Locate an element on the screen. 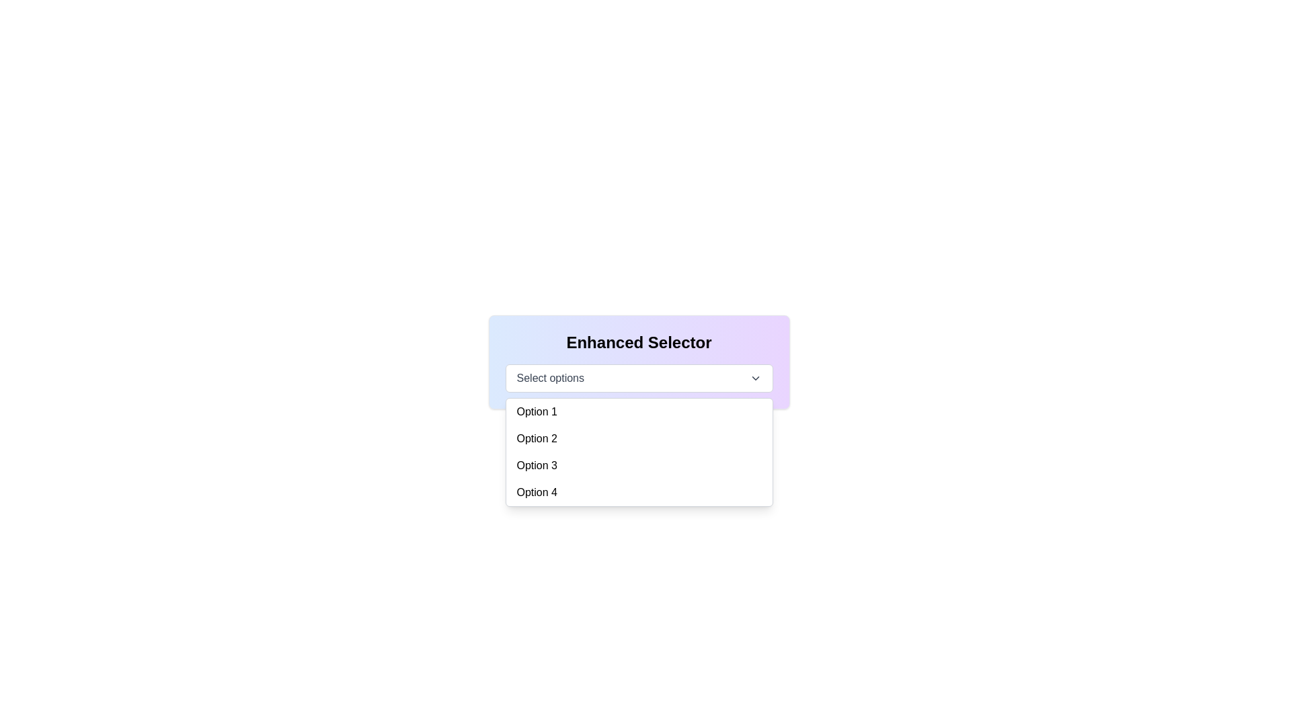 The height and width of the screenshot is (726, 1291). the selectable menu option labeled 'Option 2' to activate its hover style is located at coordinates (638, 438).